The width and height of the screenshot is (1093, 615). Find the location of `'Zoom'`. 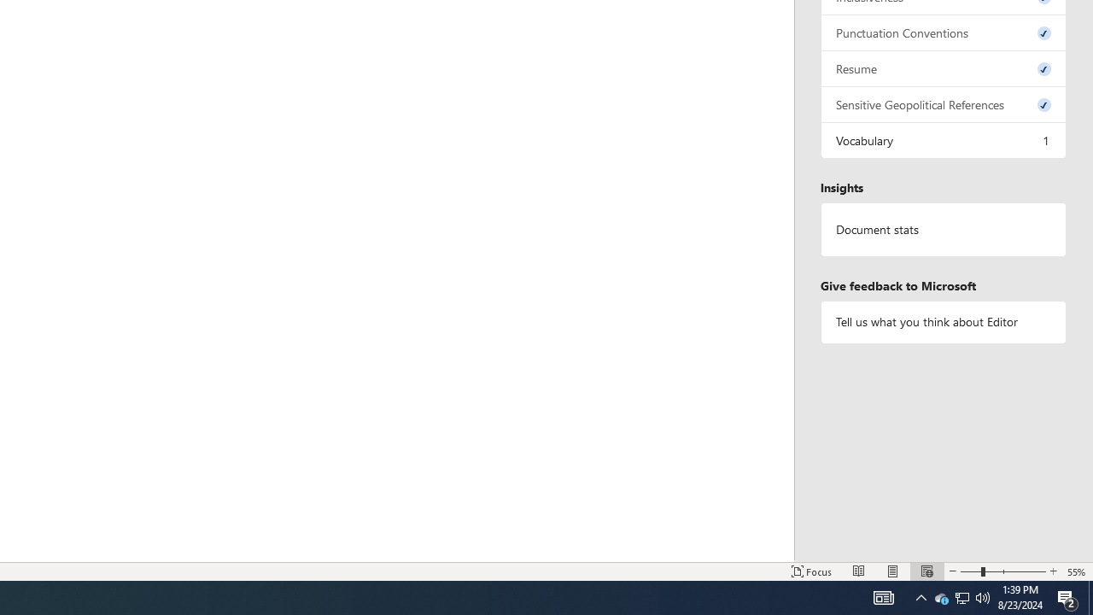

'Zoom' is located at coordinates (1003, 571).